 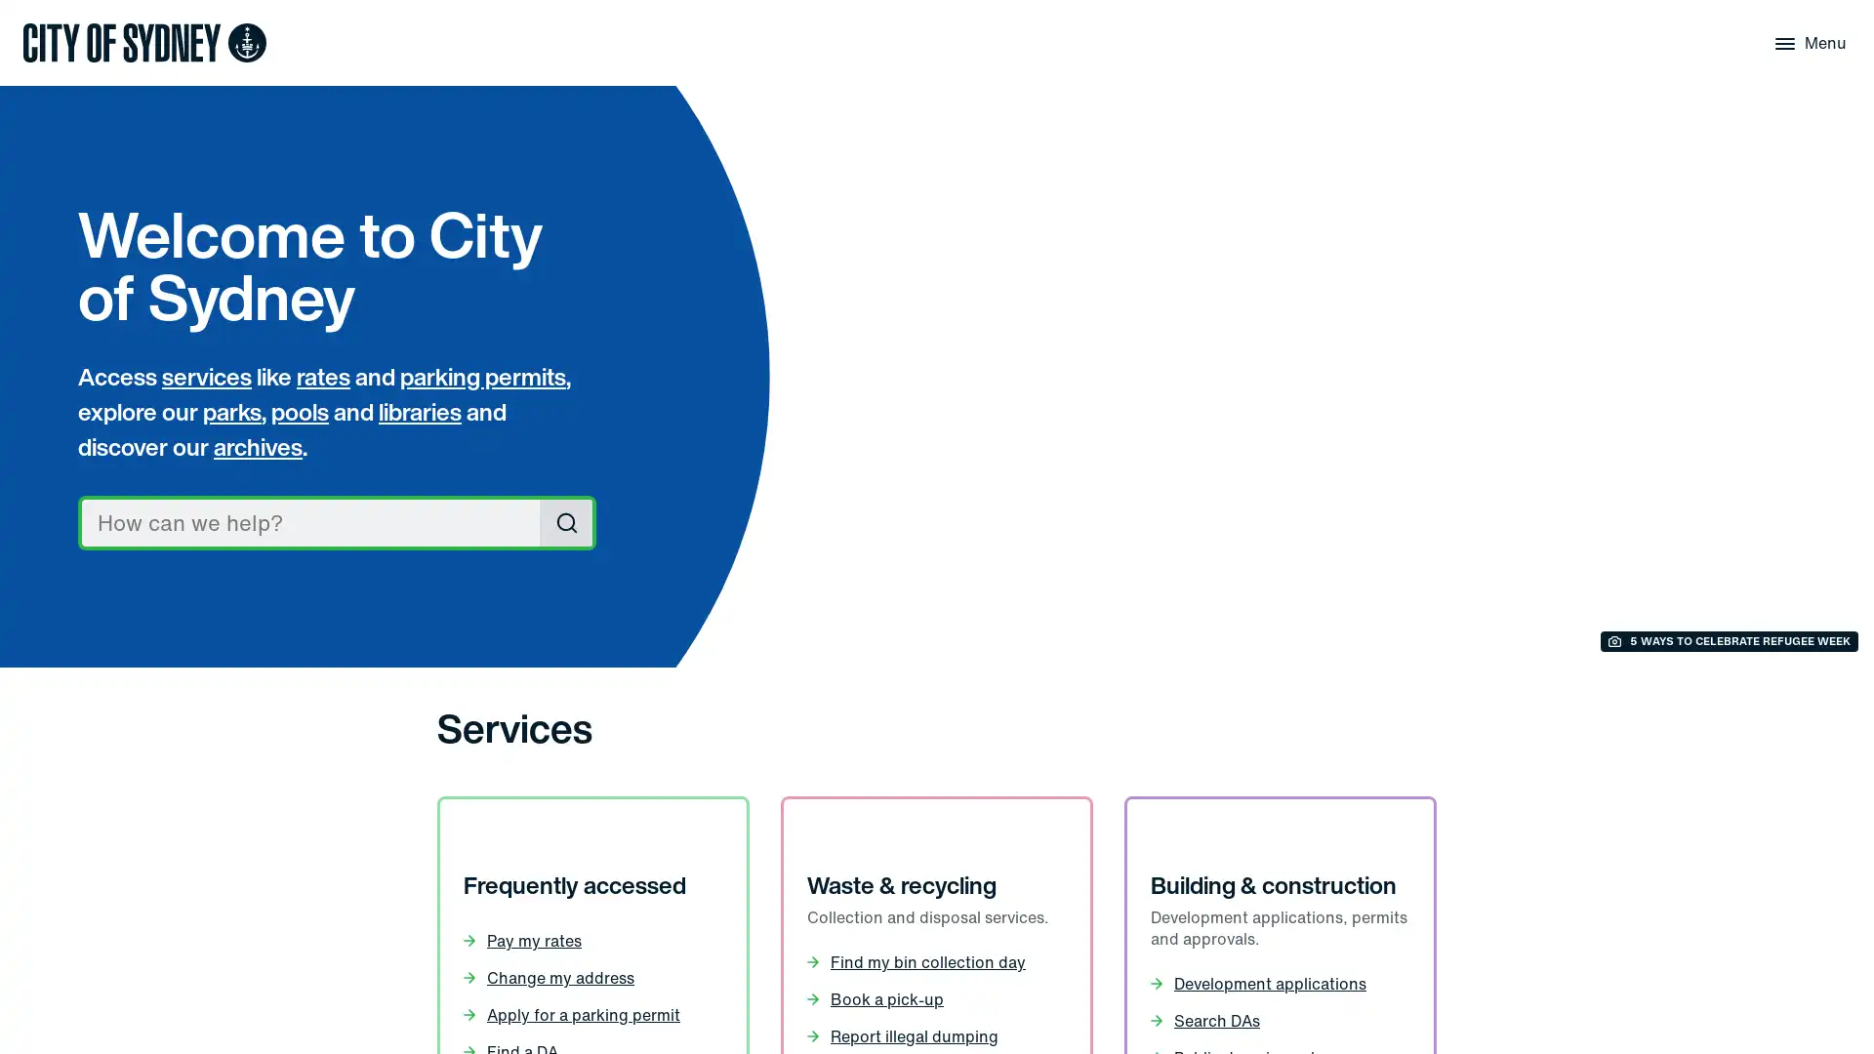 I want to click on Toggle image caption, so click(x=1729, y=641).